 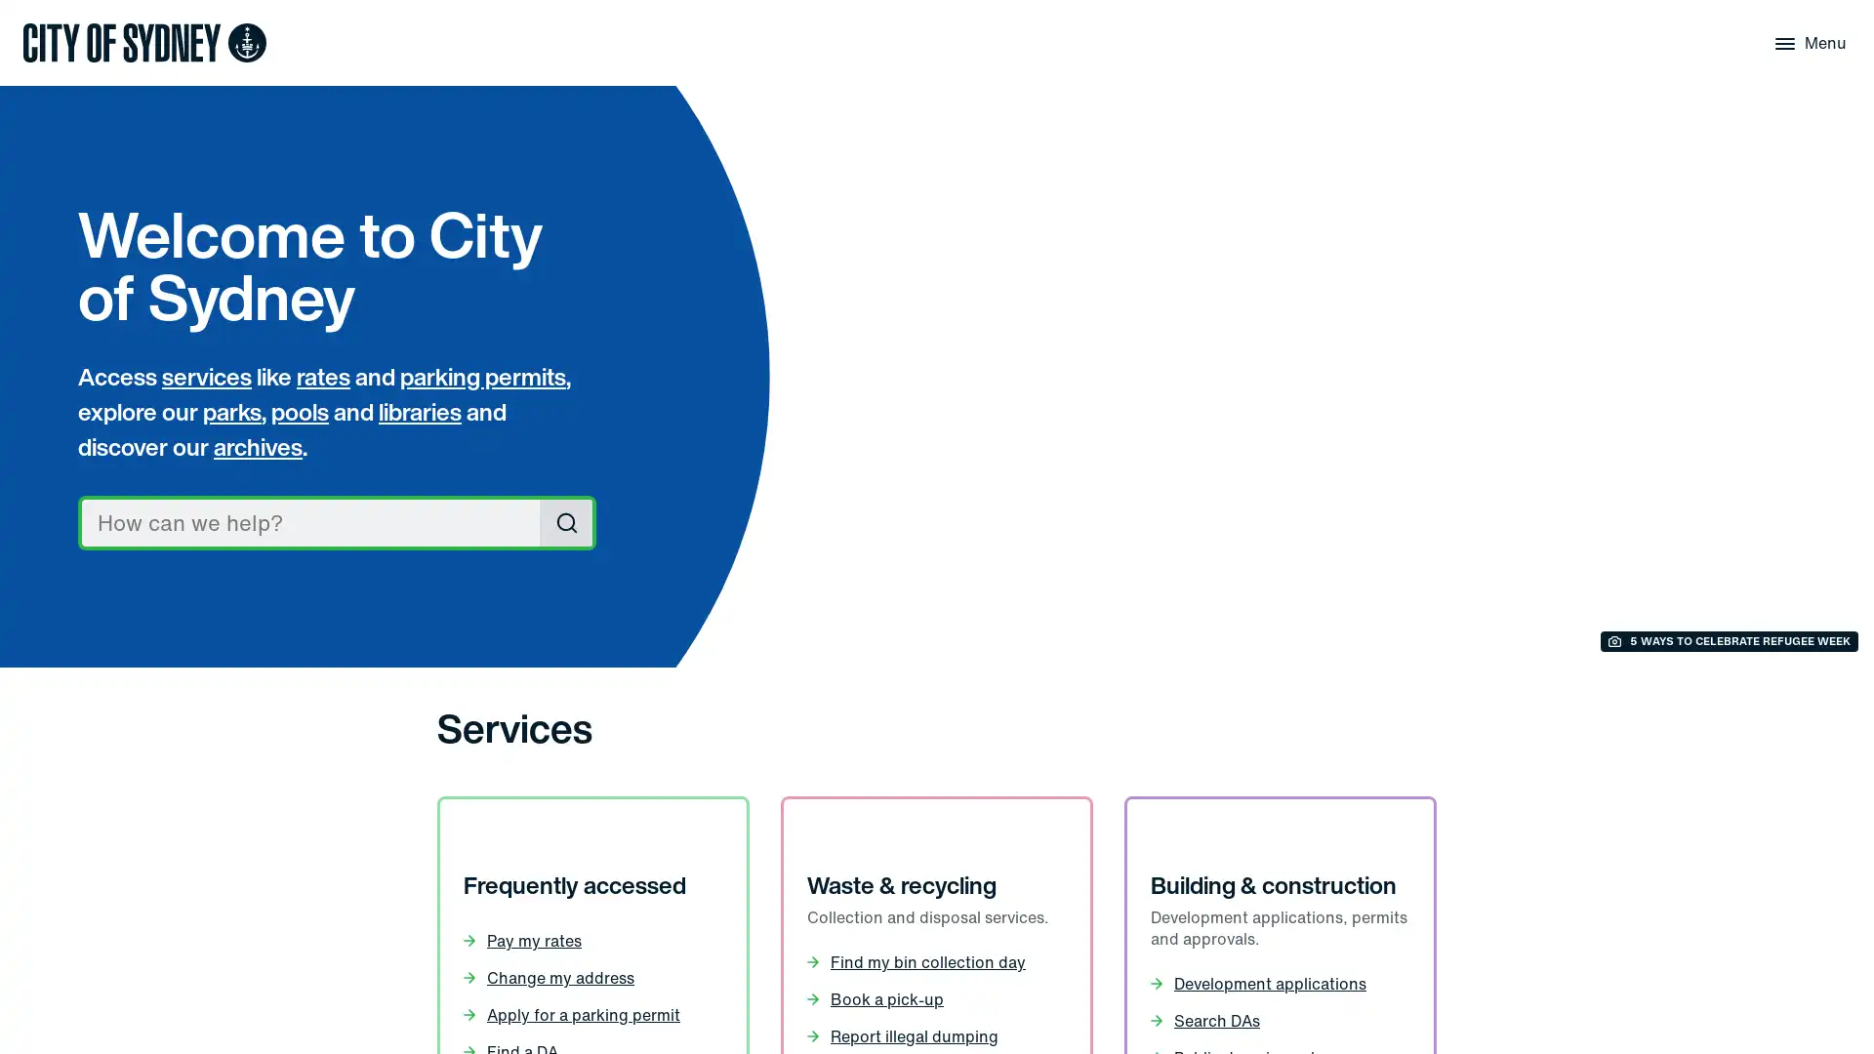 I want to click on Toggle image caption, so click(x=1729, y=641).